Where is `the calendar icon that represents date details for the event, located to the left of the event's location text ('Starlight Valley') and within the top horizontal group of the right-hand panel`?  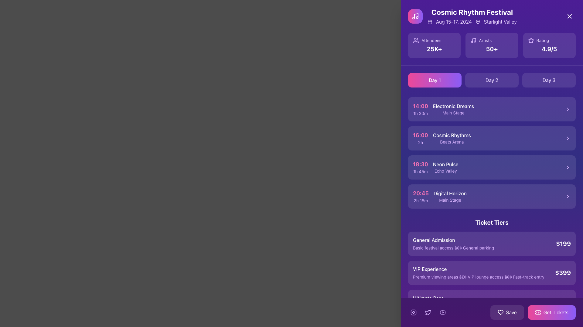
the calendar icon that represents date details for the event, located to the left of the event's location text ('Starlight Valley') and within the top horizontal group of the right-hand panel is located at coordinates (430, 21).